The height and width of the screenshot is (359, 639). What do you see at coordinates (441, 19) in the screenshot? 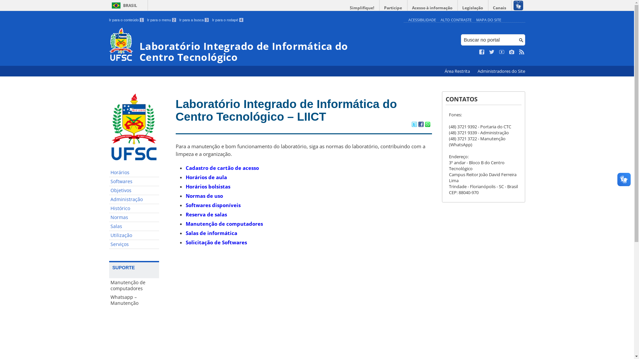
I see `'ALTO CONTRASTE'` at bounding box center [441, 19].